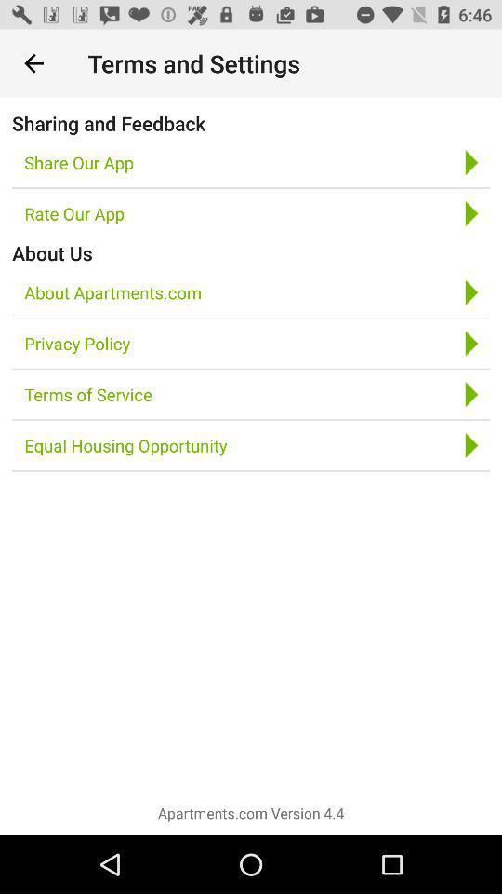 The width and height of the screenshot is (502, 894). I want to click on the item above about apartments.com icon, so click(52, 251).